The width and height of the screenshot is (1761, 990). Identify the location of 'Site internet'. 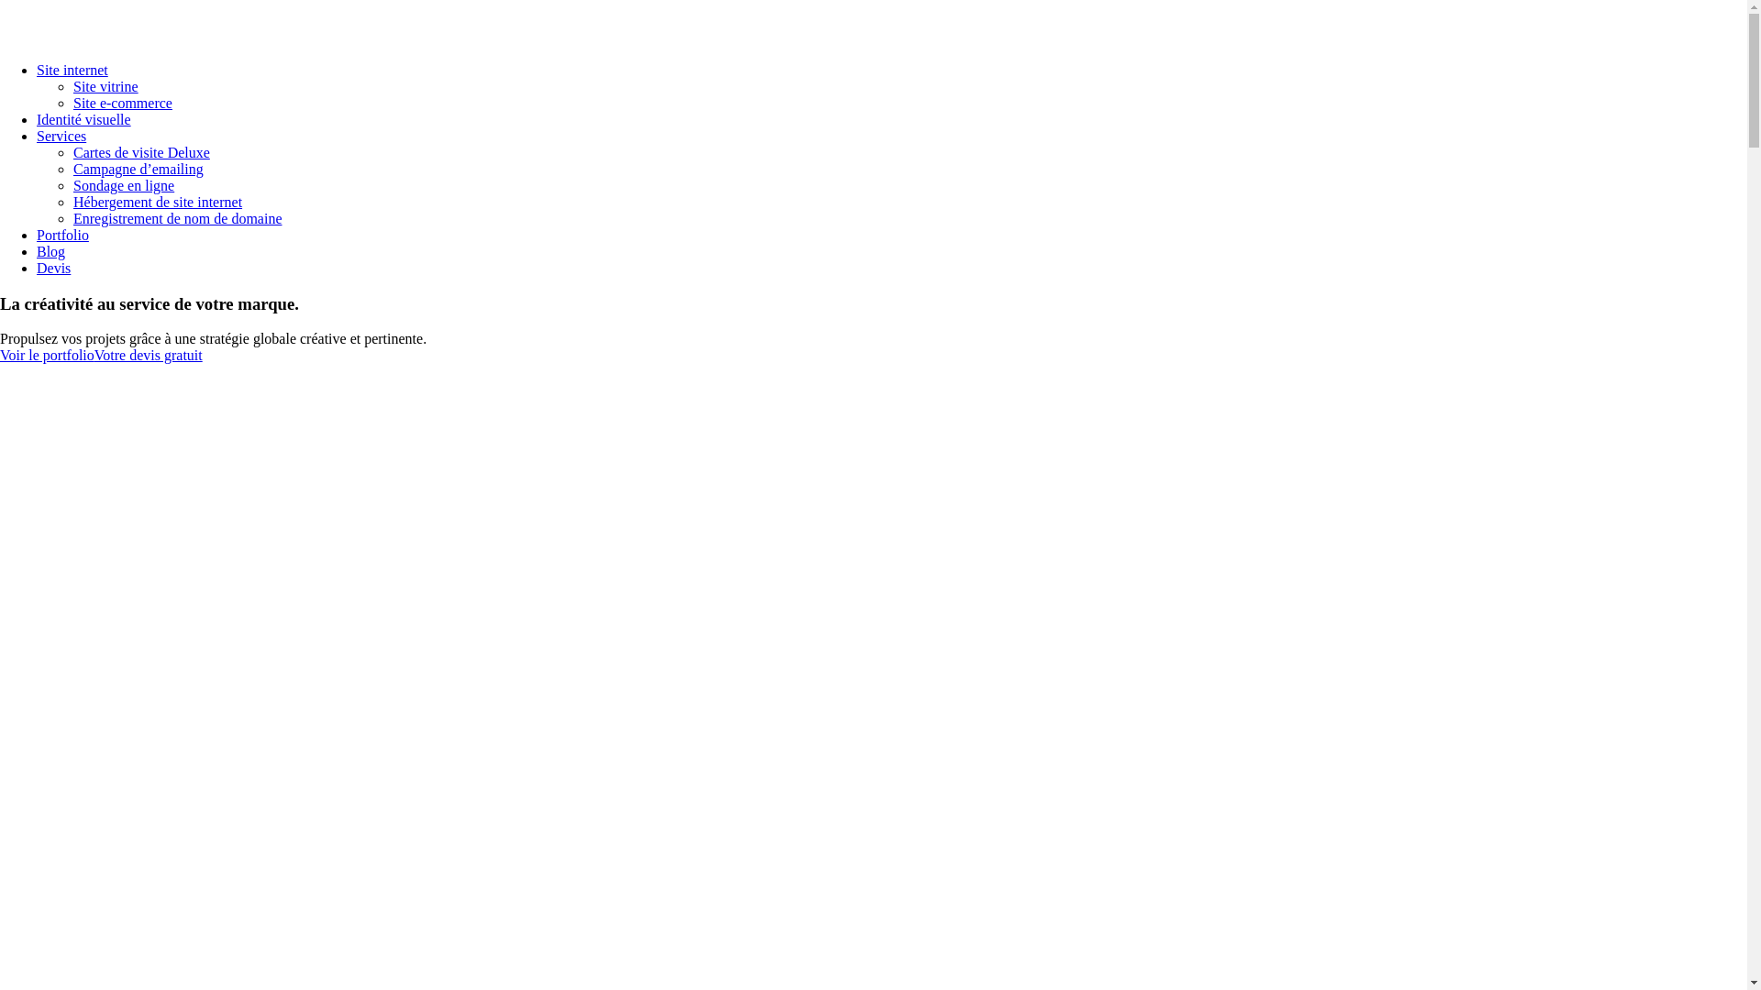
(36, 69).